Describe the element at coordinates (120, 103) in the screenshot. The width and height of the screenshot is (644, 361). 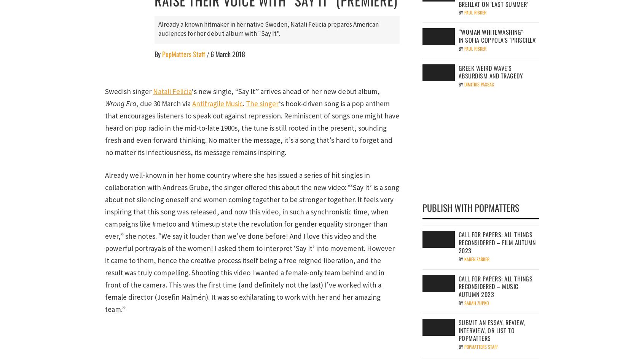
I see `'Wrong Era'` at that location.